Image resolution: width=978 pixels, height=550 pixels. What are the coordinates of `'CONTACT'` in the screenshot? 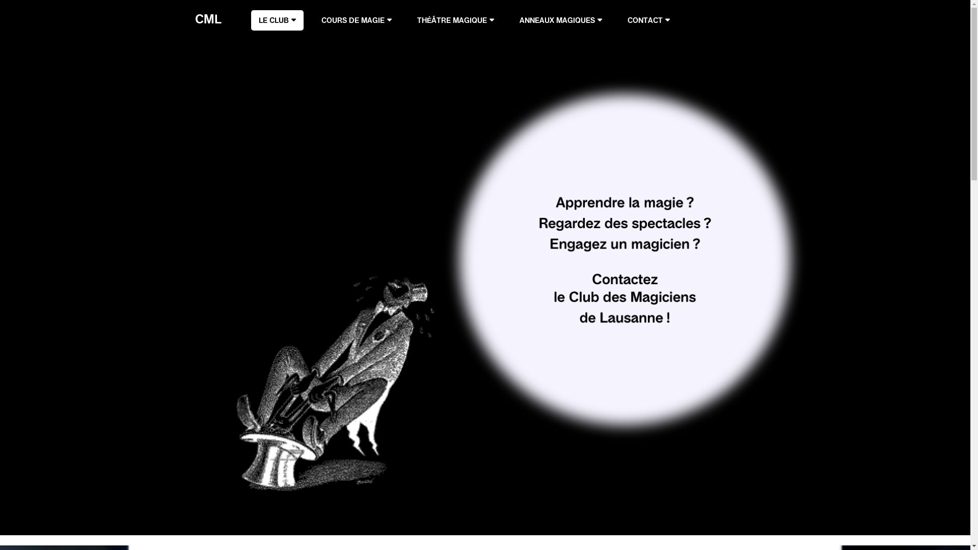 It's located at (647, 20).